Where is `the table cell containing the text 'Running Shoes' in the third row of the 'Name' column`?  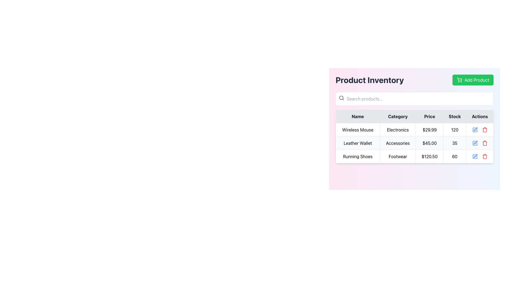 the table cell containing the text 'Running Shoes' in the third row of the 'Name' column is located at coordinates (358, 156).